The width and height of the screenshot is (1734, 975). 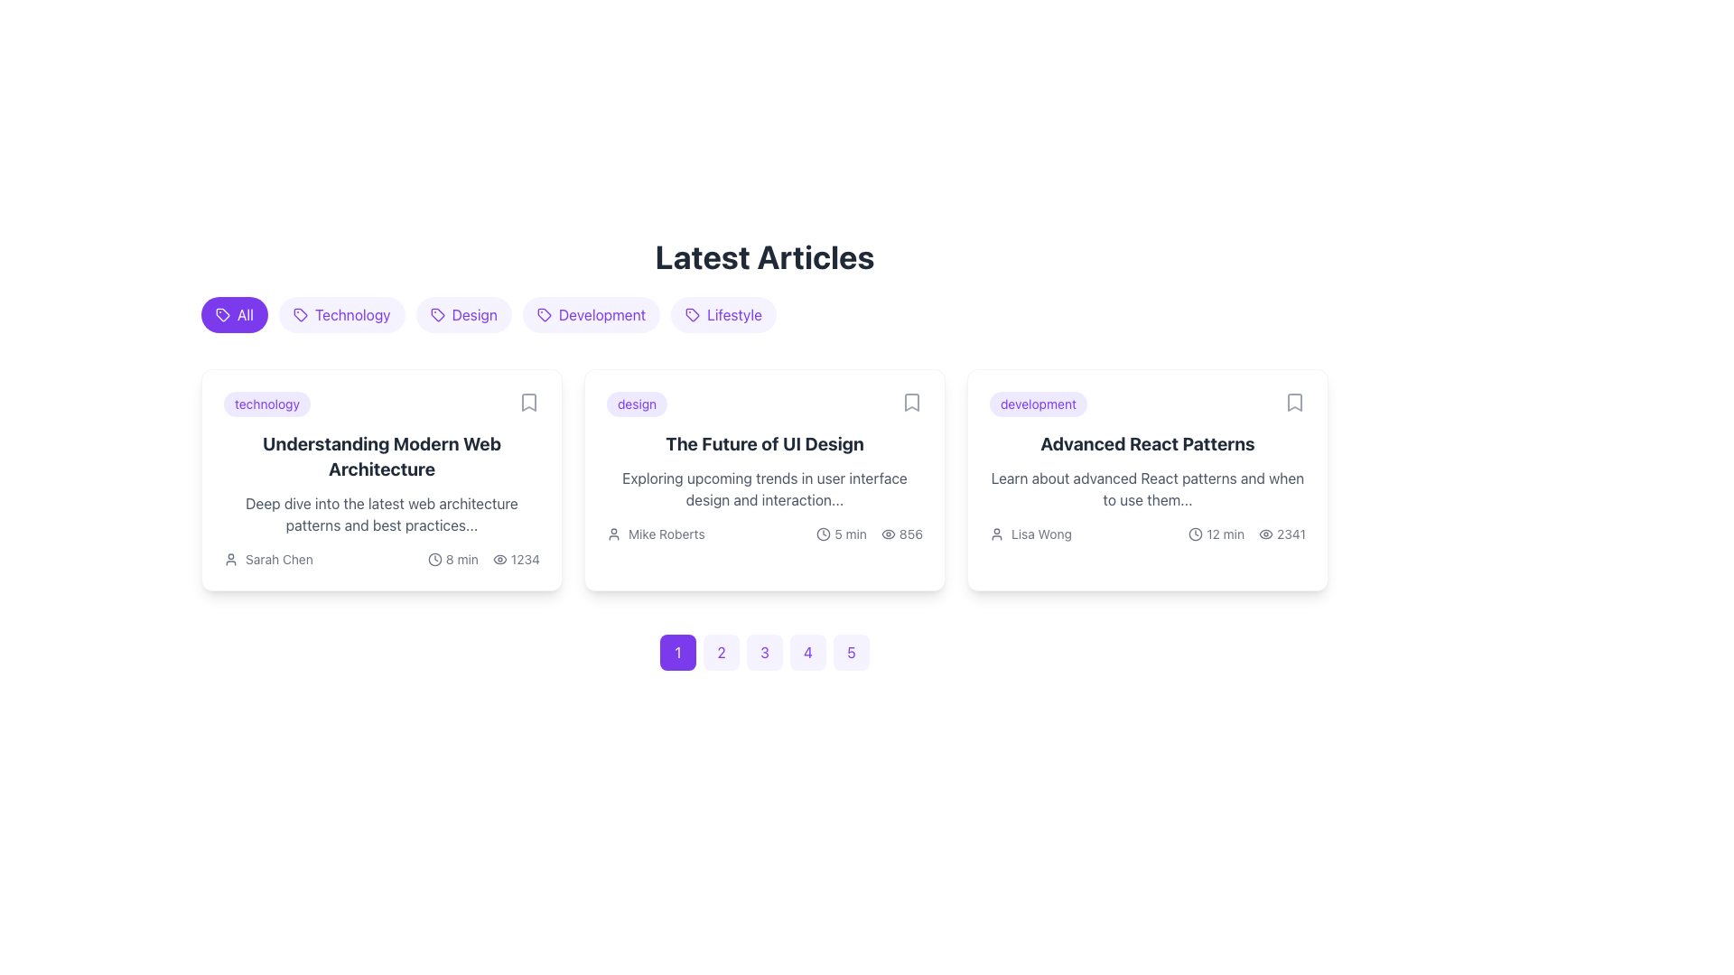 What do you see at coordinates (910, 533) in the screenshot?
I see `the Numeric Display indicating the number of views or interactions, located to the right of the eye-shaped icon in the bottom-right corner of the card titled 'The Future of UI Design'` at bounding box center [910, 533].